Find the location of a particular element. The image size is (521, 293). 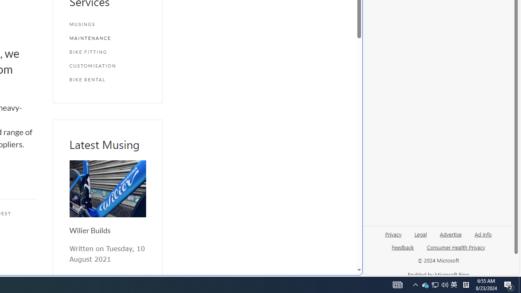

'BIKE RENTAL' is located at coordinates (107, 79).